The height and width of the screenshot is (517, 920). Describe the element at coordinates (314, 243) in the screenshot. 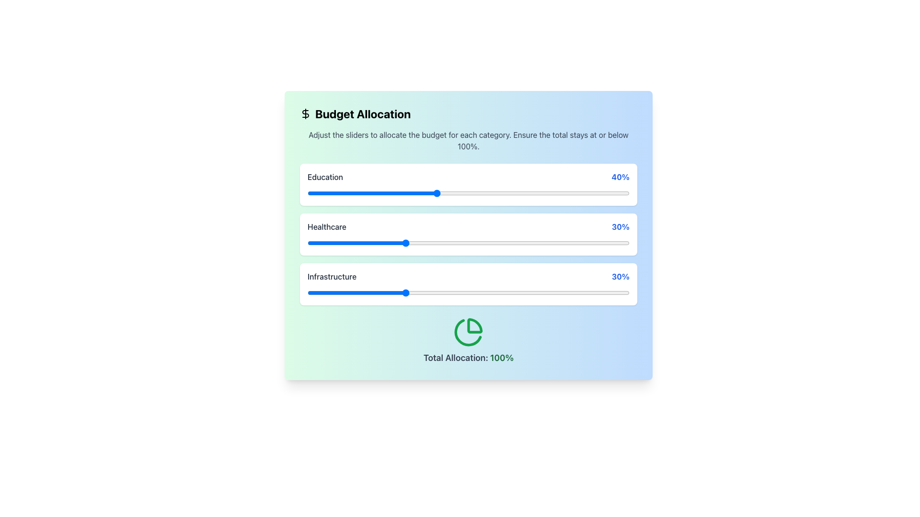

I see `healthcare budget allocation` at that location.